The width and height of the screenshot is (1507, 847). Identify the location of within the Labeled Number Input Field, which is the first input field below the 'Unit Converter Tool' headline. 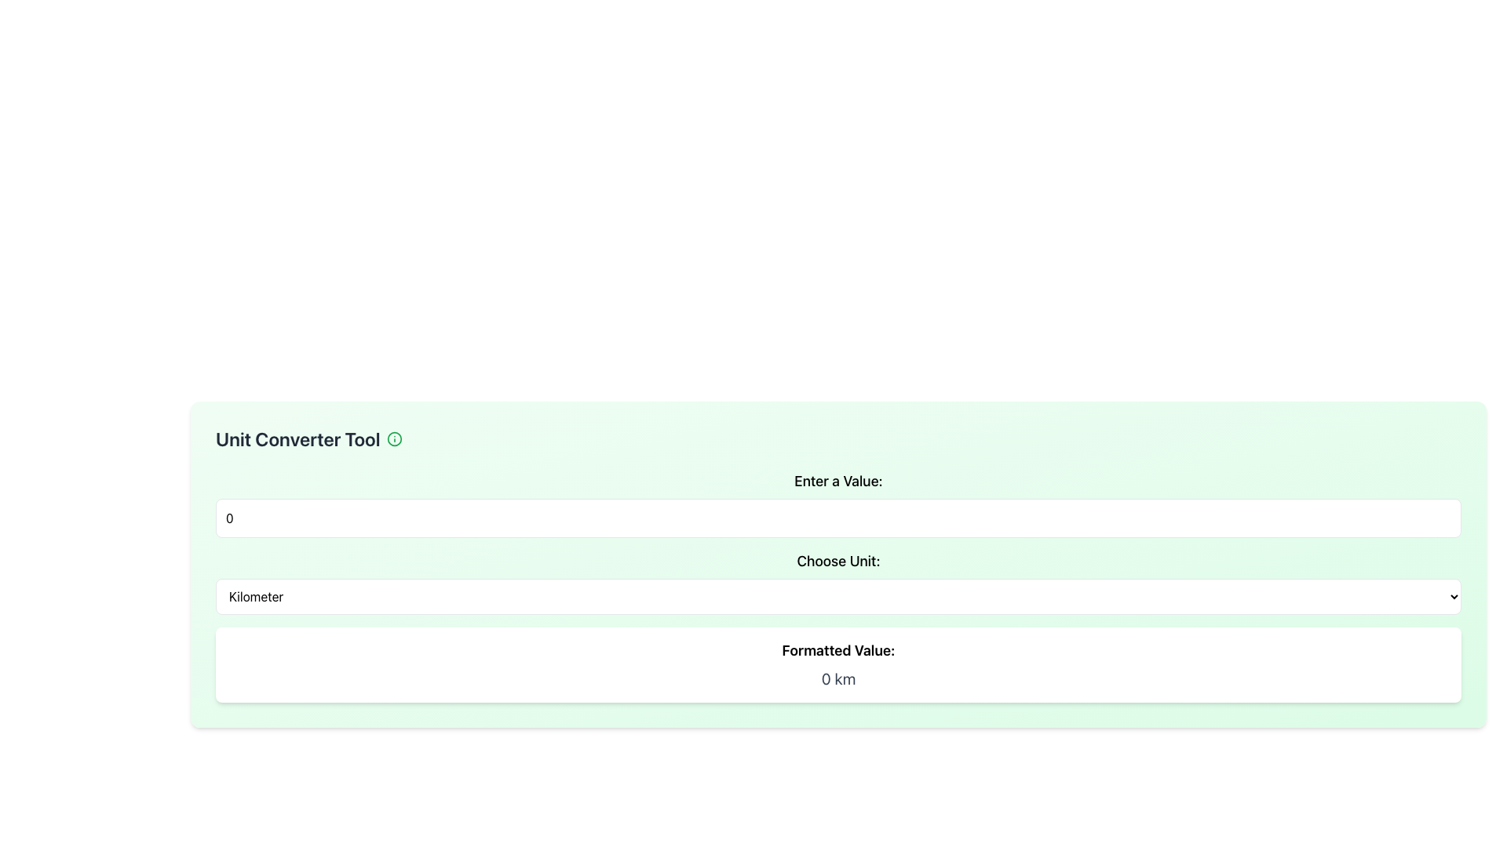
(837, 504).